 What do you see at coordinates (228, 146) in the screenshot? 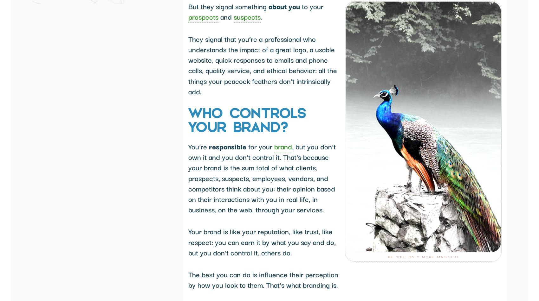
I see `'responsible'` at bounding box center [228, 146].